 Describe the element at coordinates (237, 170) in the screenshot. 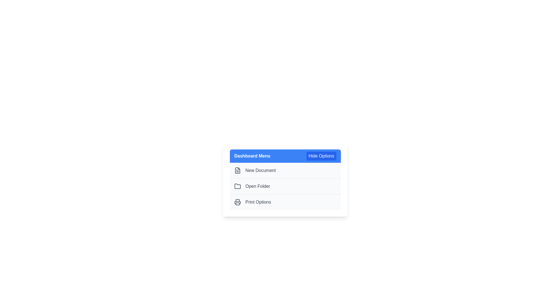

I see `the Decorative Icon located next to the 'New Document' menu option, which is the first icon in the list` at that location.